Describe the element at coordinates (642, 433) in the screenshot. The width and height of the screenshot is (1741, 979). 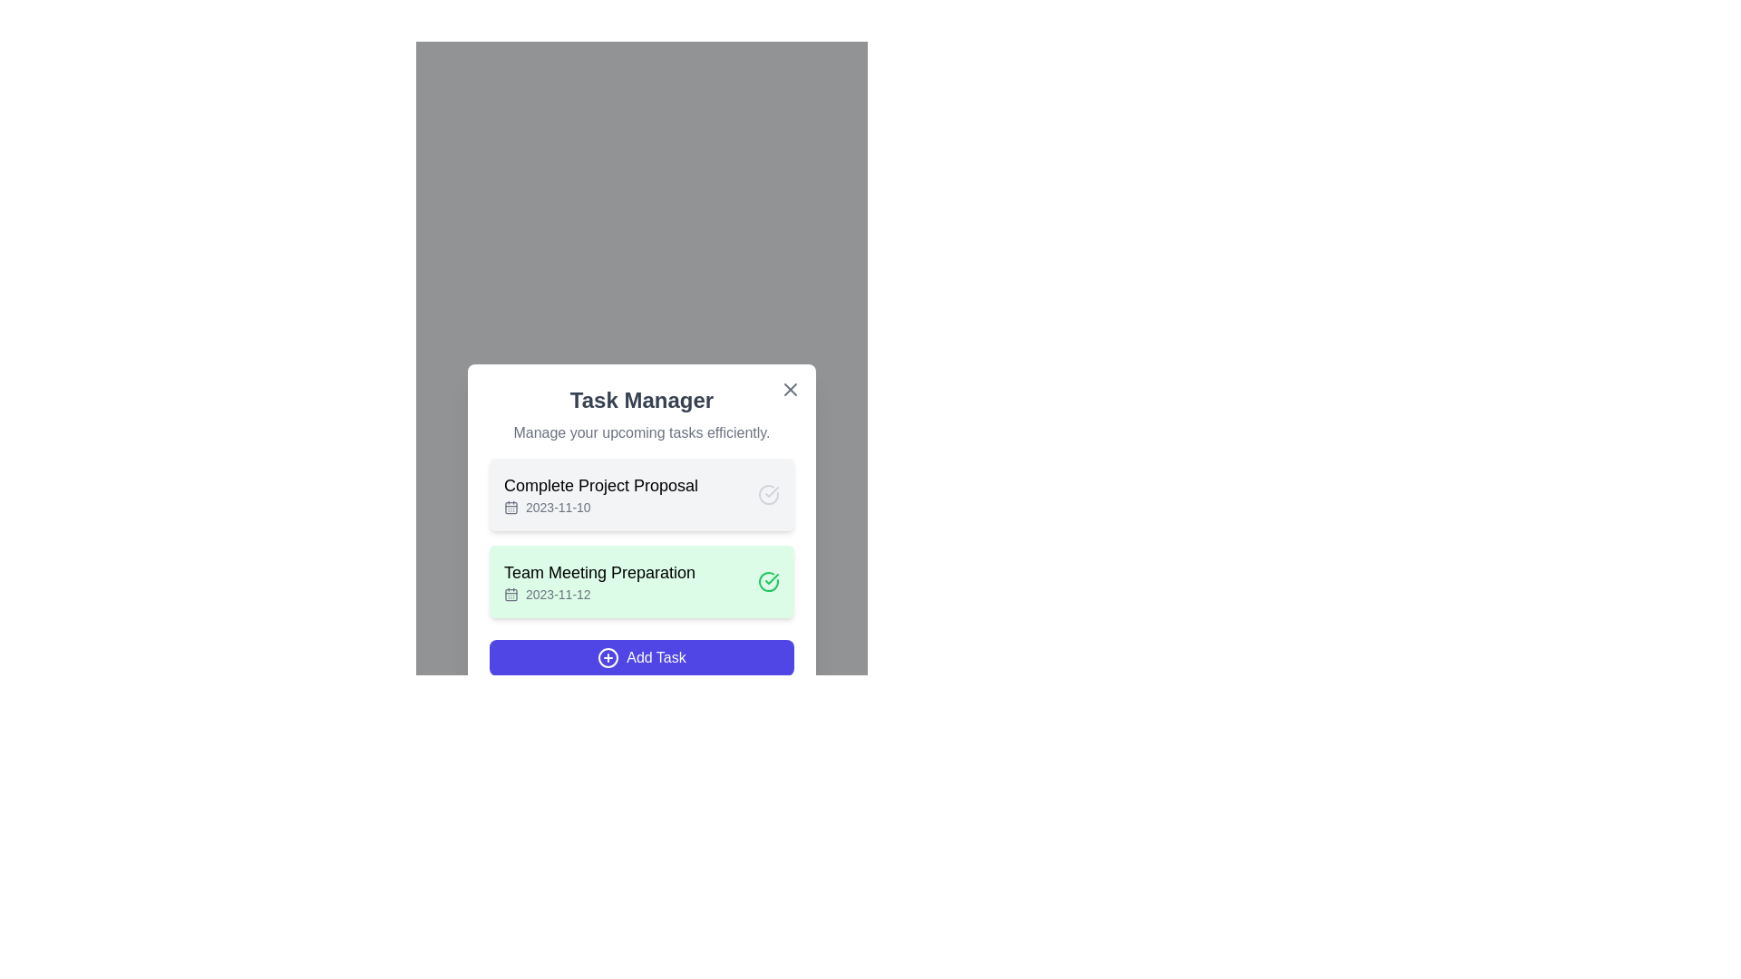
I see `descriptive text label located directly below the 'Task Manager' title in the panel interface, which provides context for the functionality of this section` at that location.